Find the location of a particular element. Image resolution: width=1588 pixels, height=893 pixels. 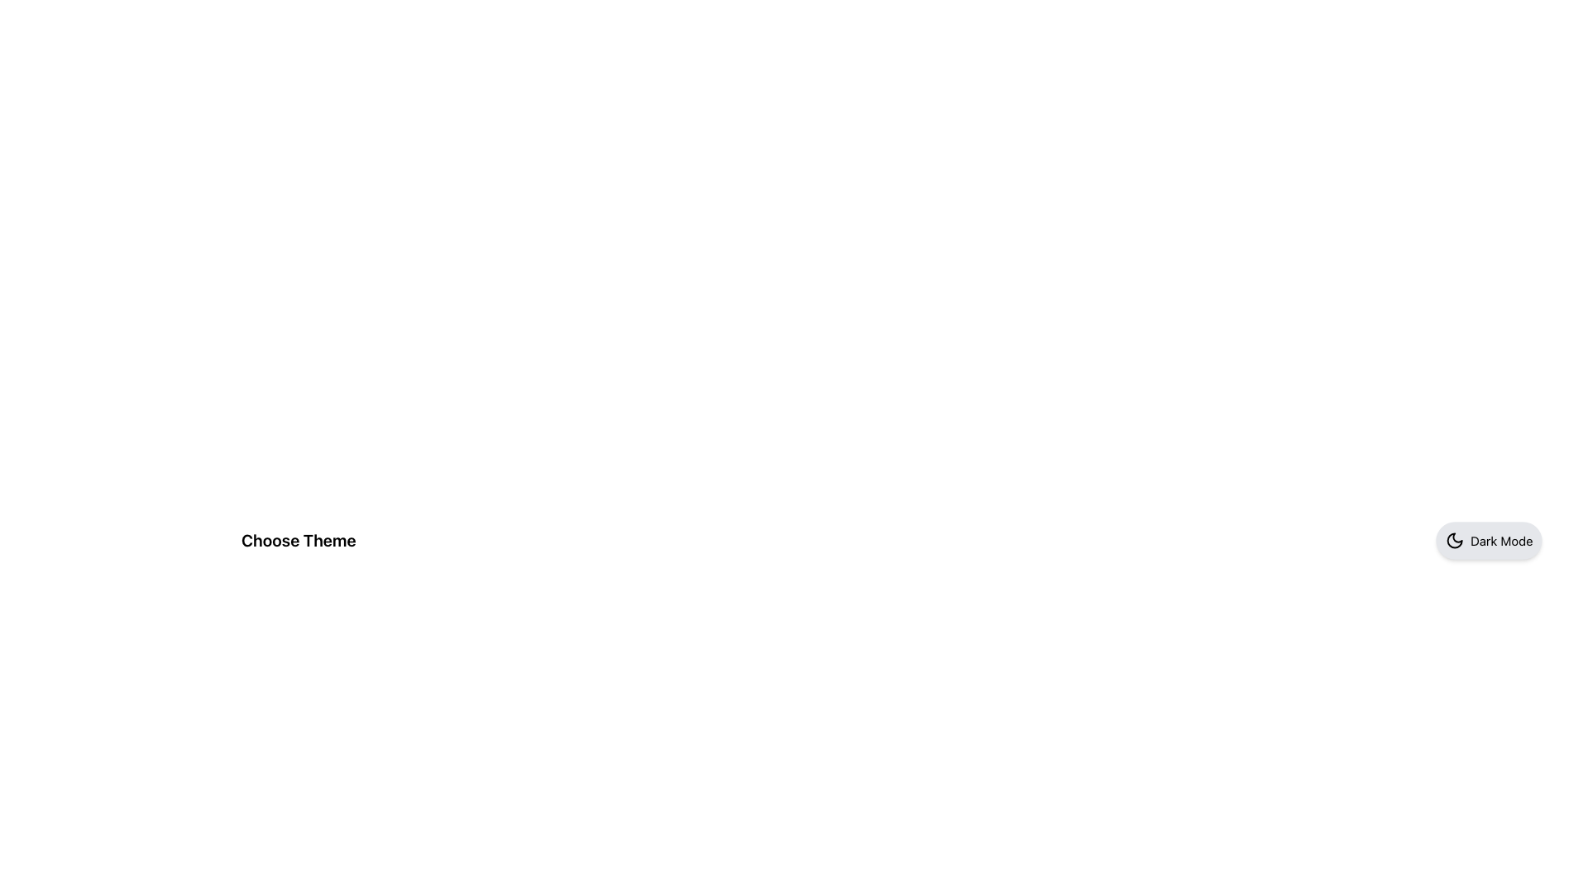

the rounded gray button with a crescent moon icon and the text 'Dark Mode' is located at coordinates (1489, 541).